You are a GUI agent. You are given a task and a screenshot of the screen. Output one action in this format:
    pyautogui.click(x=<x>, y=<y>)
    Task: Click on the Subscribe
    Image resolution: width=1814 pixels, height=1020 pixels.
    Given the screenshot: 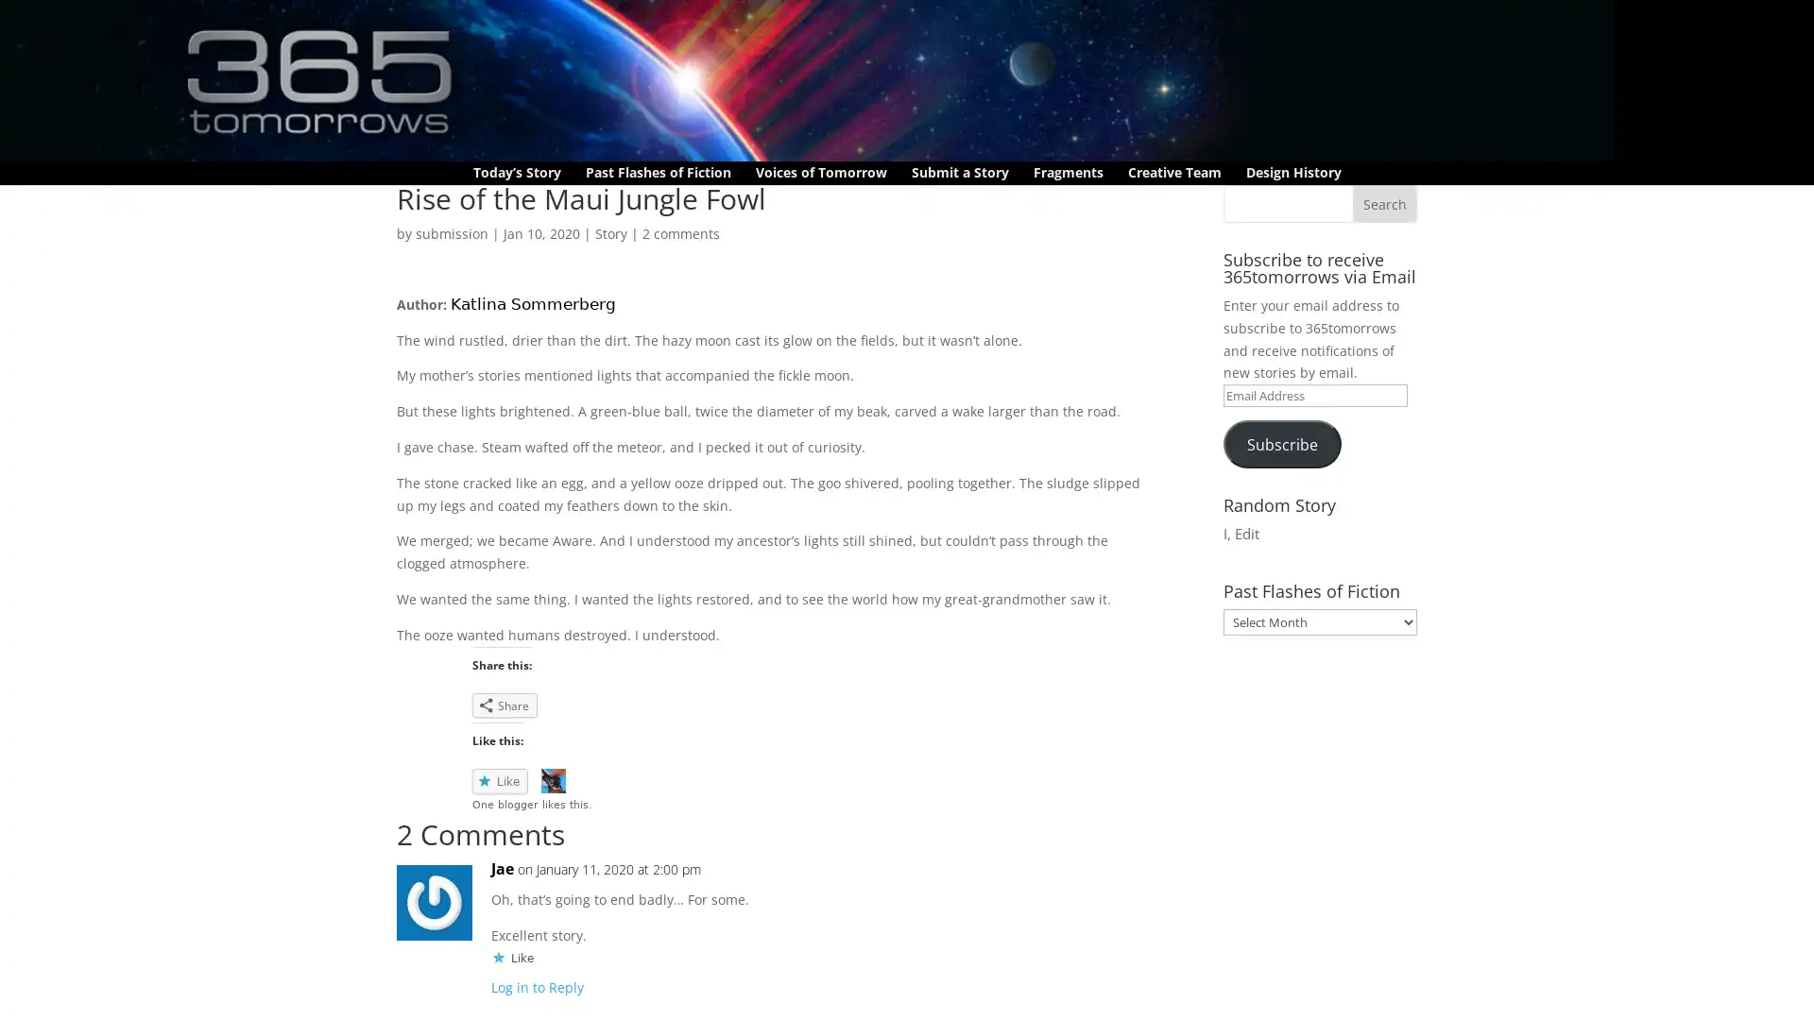 What is the action you would take?
    pyautogui.click(x=1281, y=497)
    